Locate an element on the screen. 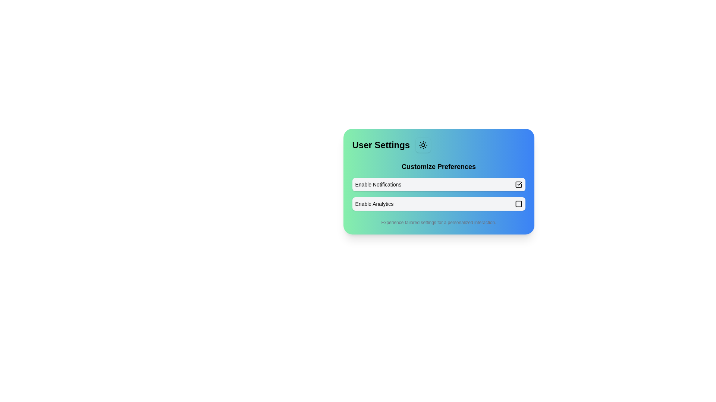  the informational text label located at the bottom of the card-like UI element, which provides descriptions related to settings and features is located at coordinates (439, 222).